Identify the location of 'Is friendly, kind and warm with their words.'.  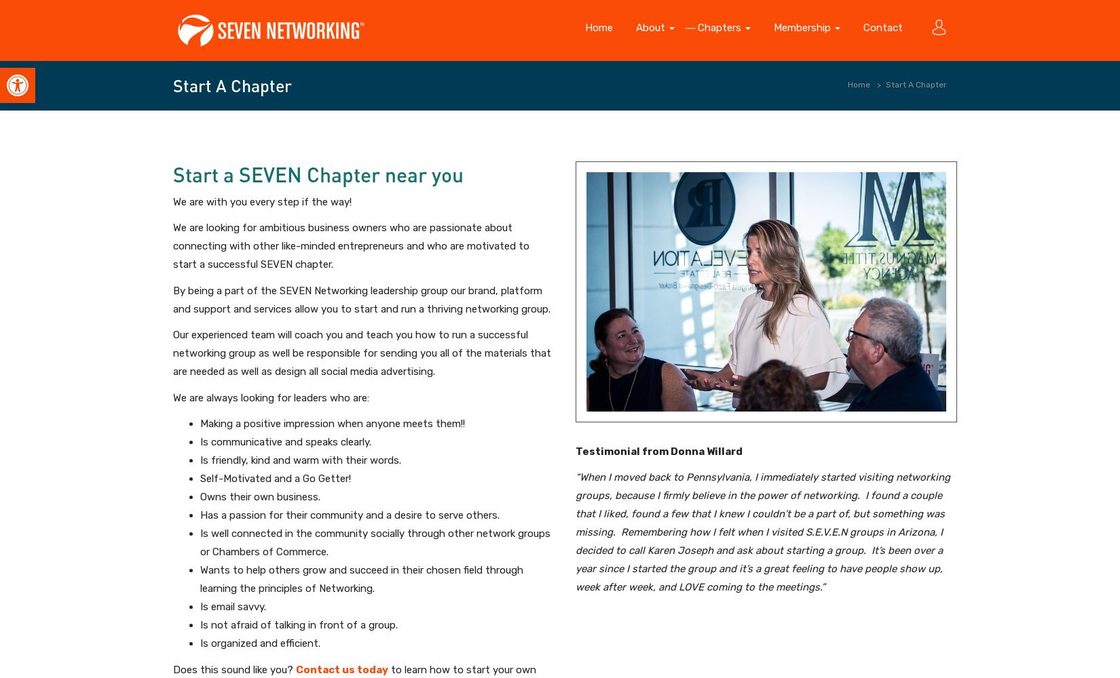
(300, 460).